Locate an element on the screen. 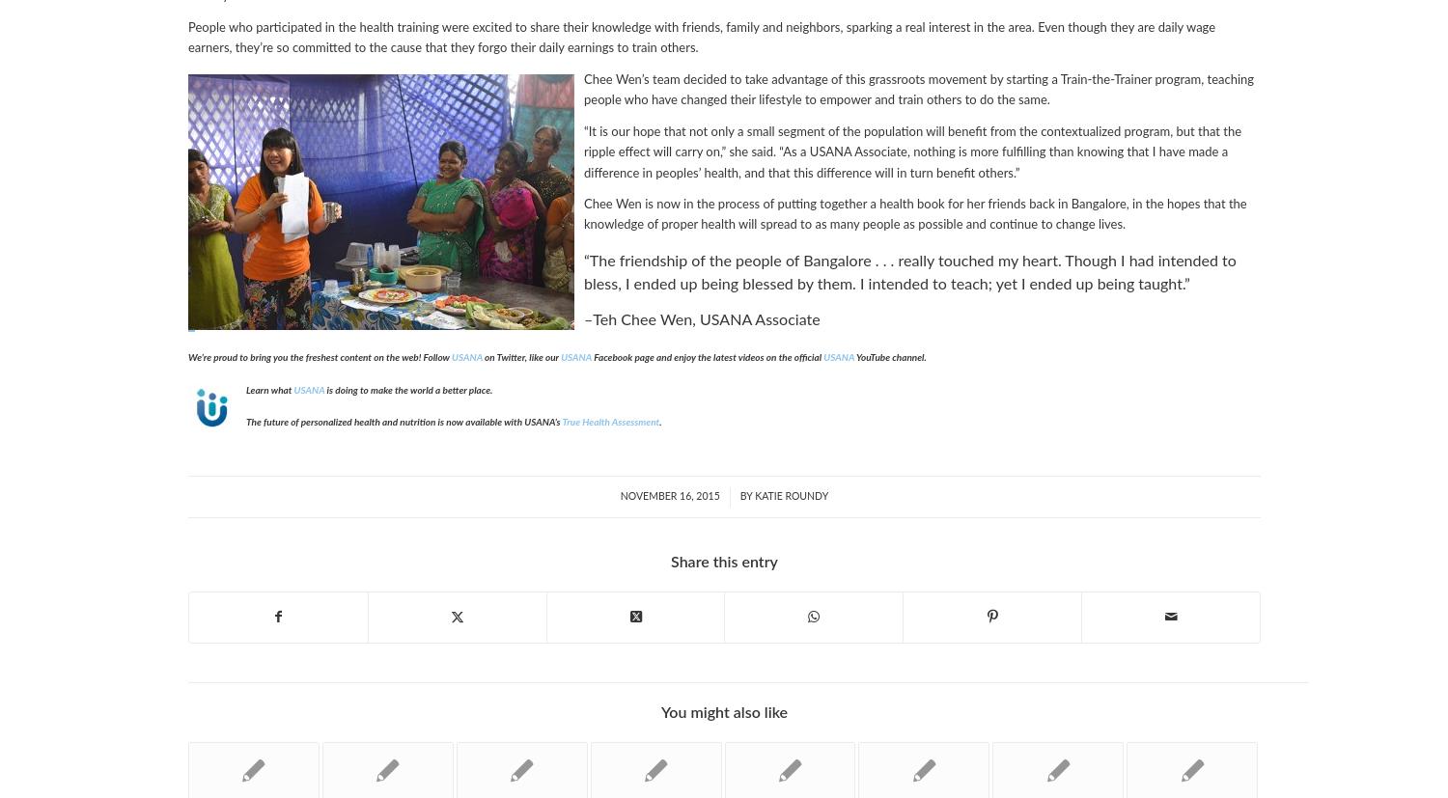  'The future of personalized health and nutrition is now available with USANA’s' is located at coordinates (404, 421).